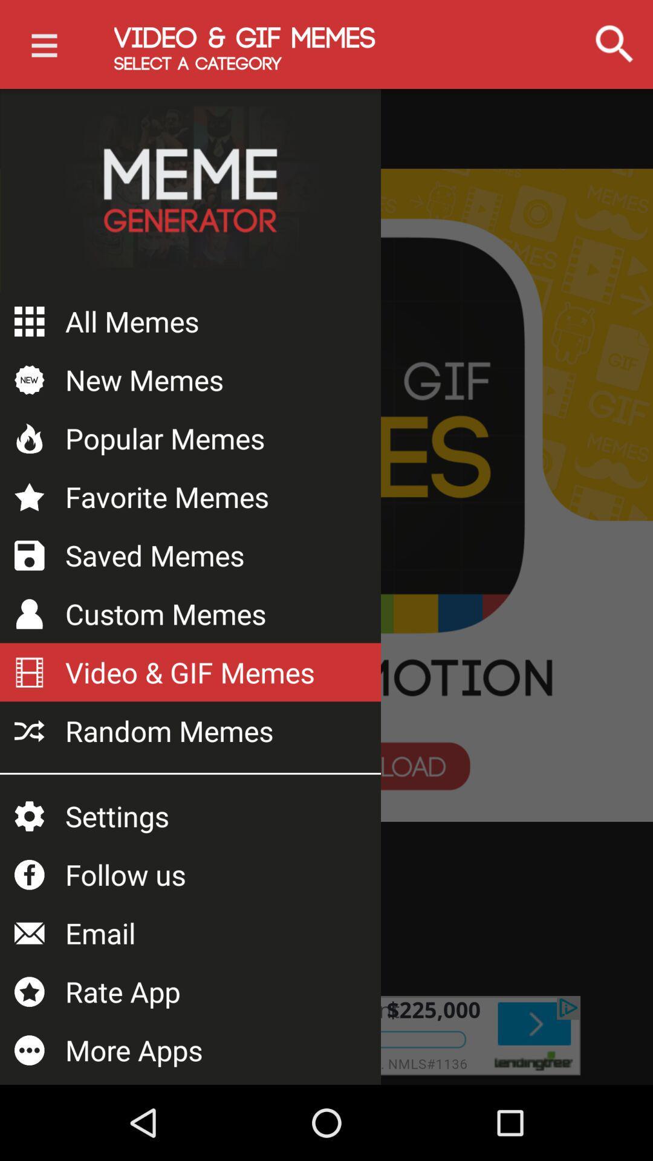 This screenshot has width=653, height=1161. What do you see at coordinates (29, 874) in the screenshot?
I see `the icon which is left side of the follow us` at bounding box center [29, 874].